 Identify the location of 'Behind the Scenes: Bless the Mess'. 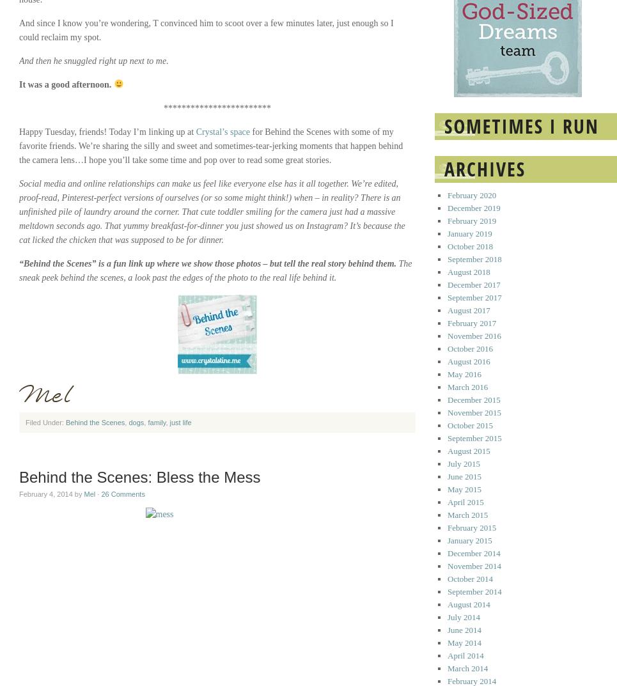
(139, 476).